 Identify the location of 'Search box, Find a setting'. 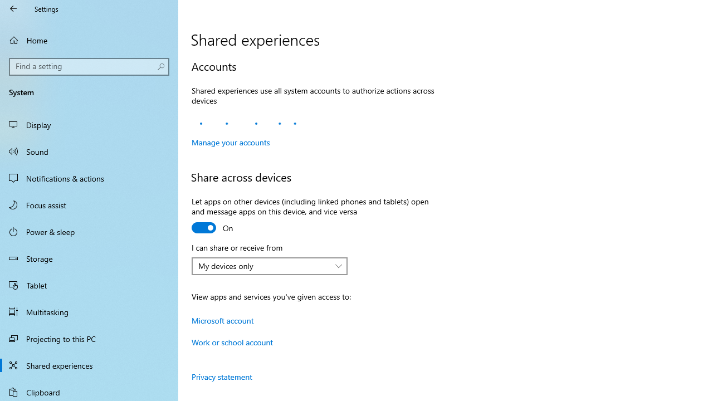
(89, 66).